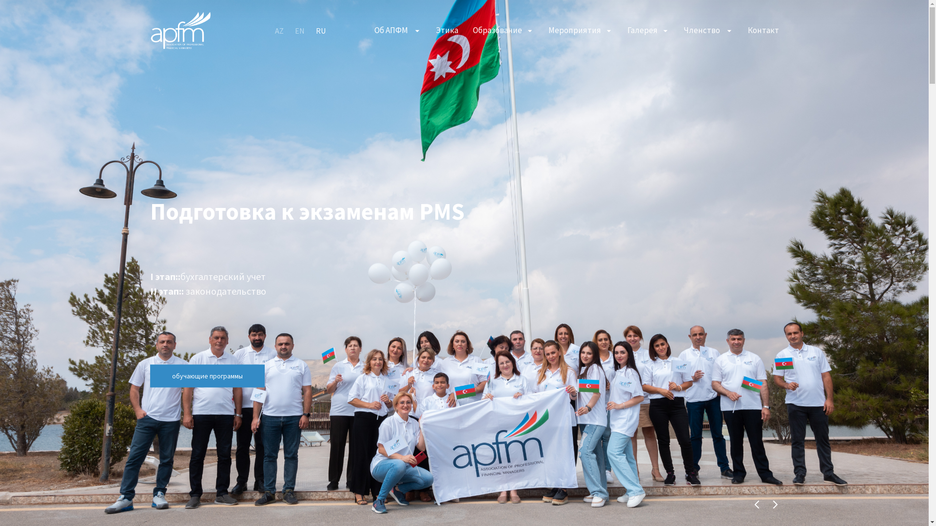 Image resolution: width=936 pixels, height=526 pixels. What do you see at coordinates (755, 505) in the screenshot?
I see `'Previous'` at bounding box center [755, 505].